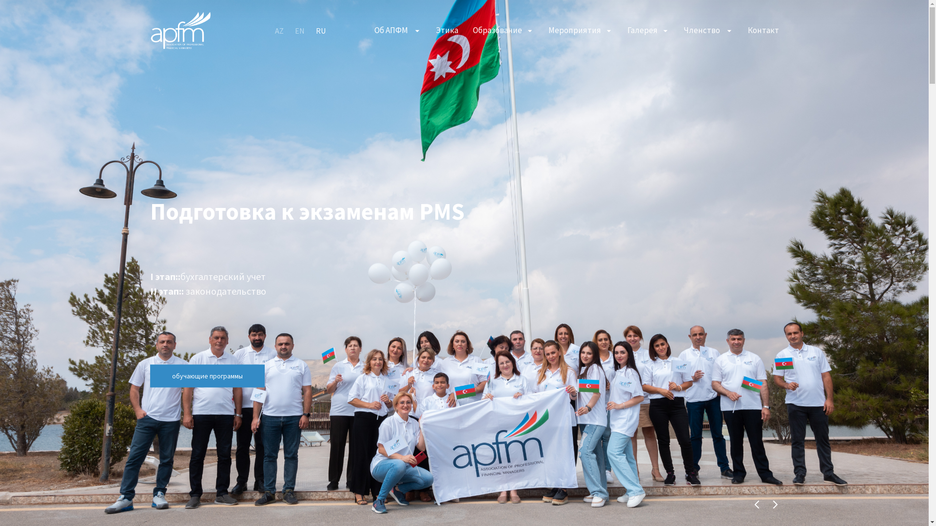 Image resolution: width=936 pixels, height=526 pixels. What do you see at coordinates (755, 505) in the screenshot?
I see `'Previous'` at bounding box center [755, 505].